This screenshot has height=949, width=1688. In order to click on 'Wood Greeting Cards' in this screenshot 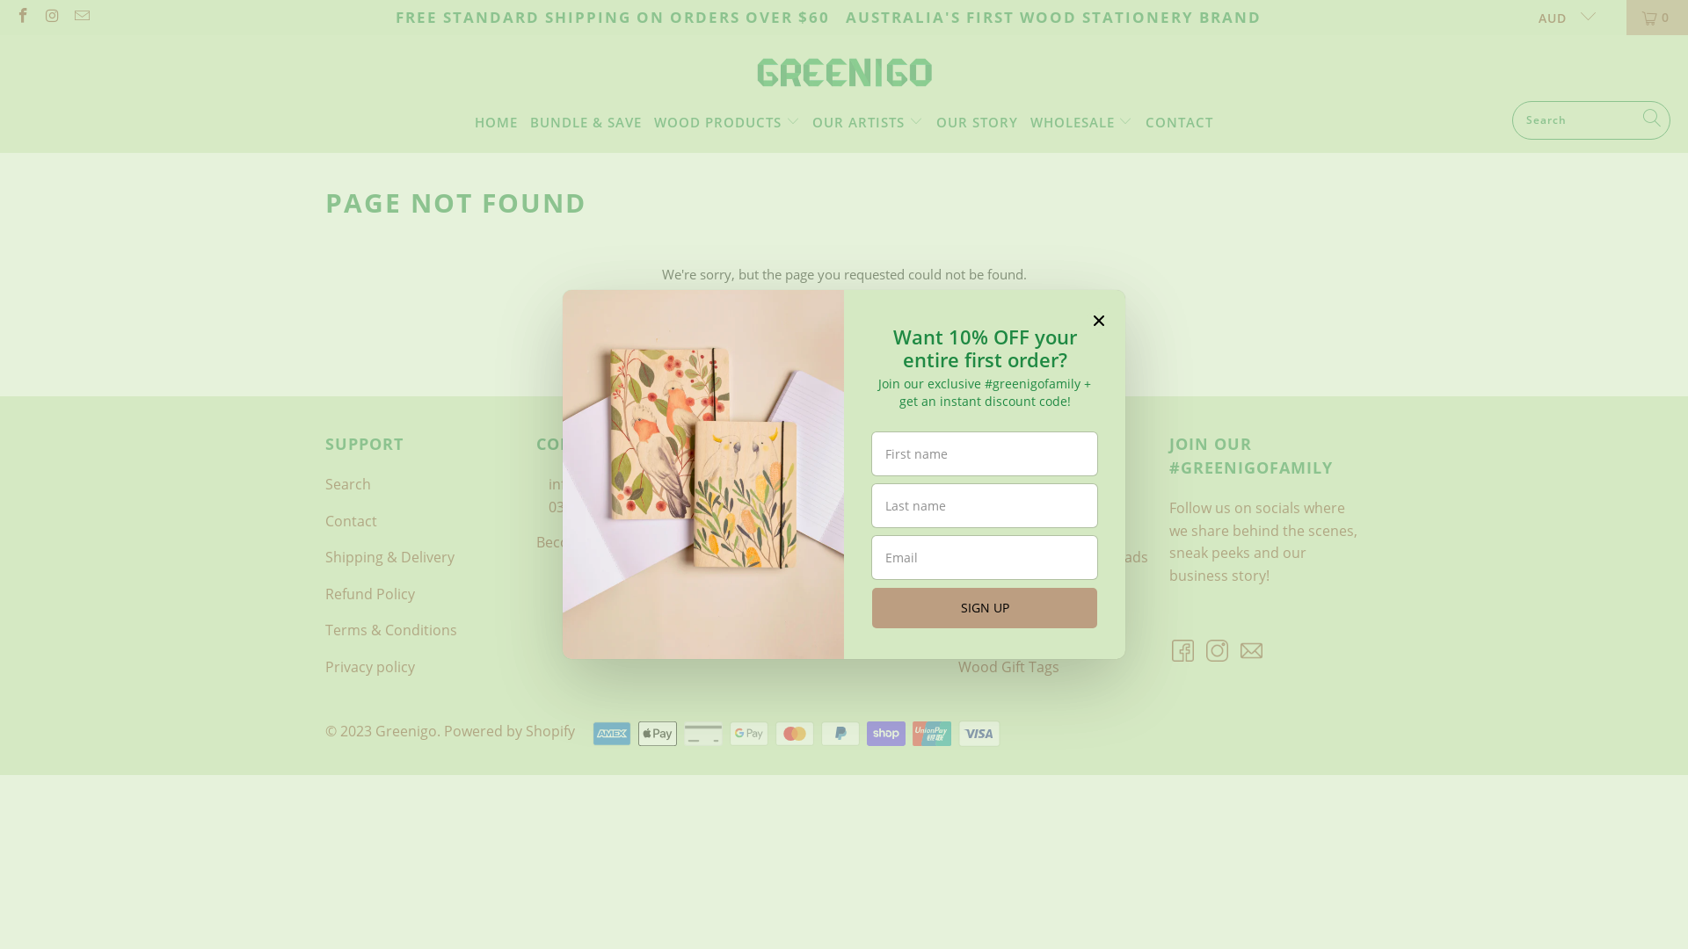, I will do `click(1030, 593)`.